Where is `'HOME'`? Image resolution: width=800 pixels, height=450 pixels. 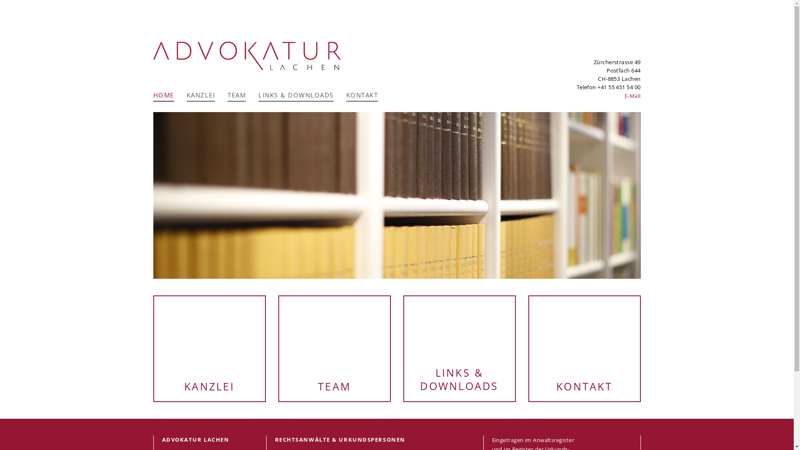
'HOME' is located at coordinates (164, 96).